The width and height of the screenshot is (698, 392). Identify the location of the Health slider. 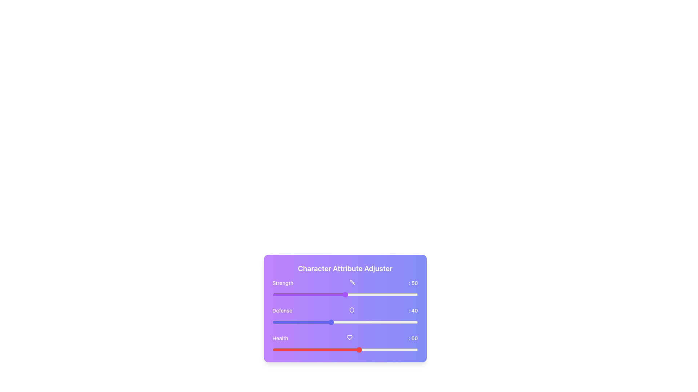
(393, 350).